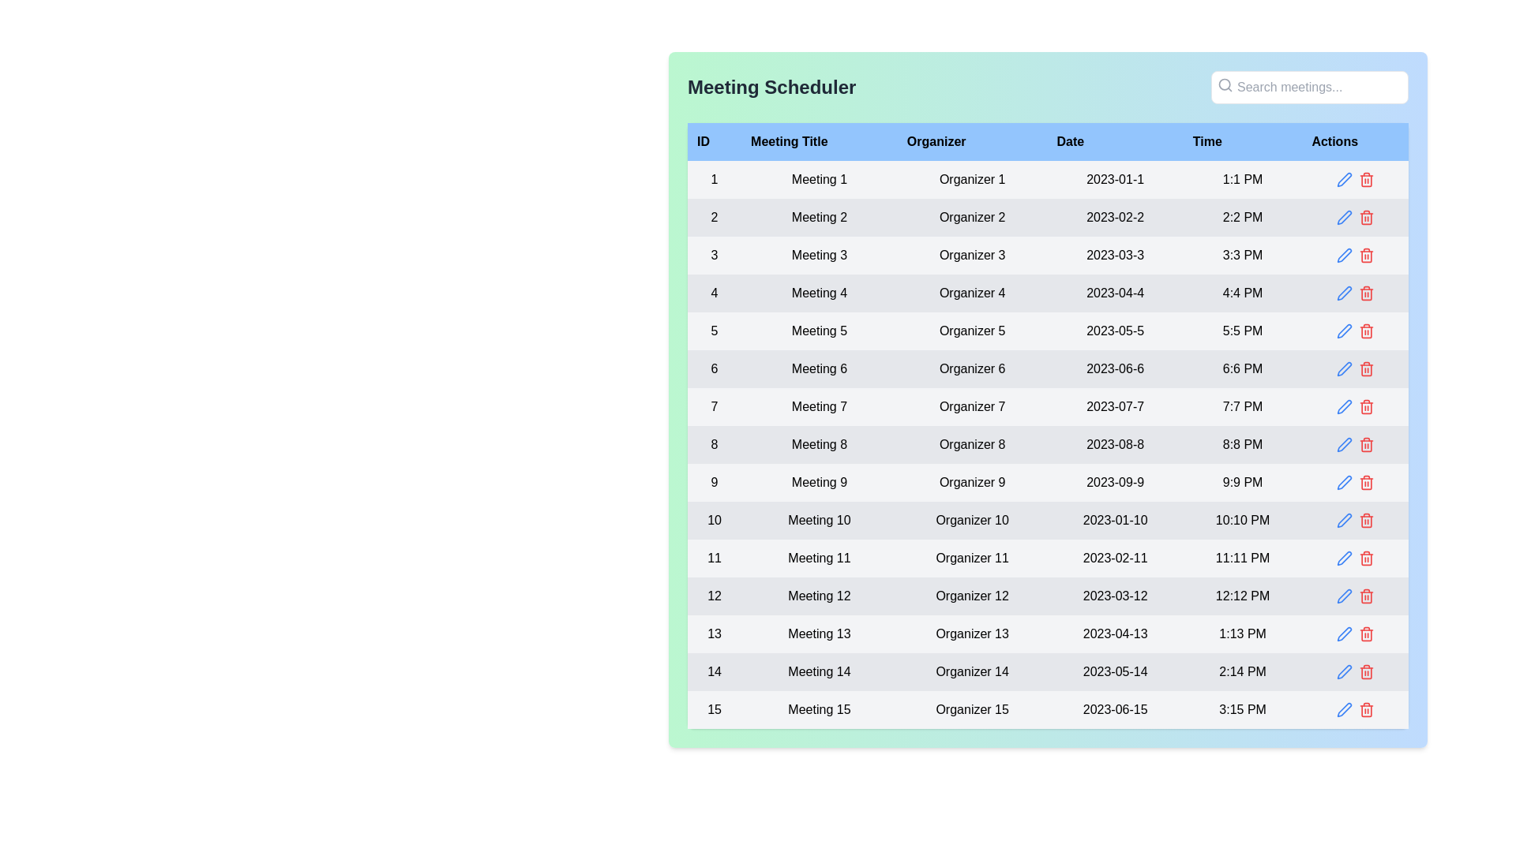 This screenshot has height=852, width=1516. Describe the element at coordinates (1354, 596) in the screenshot. I see `the small graphic icon located in the last column of the row for 'Meeting 12', positioned between the blue pencil icon and the red trash can icon` at that location.